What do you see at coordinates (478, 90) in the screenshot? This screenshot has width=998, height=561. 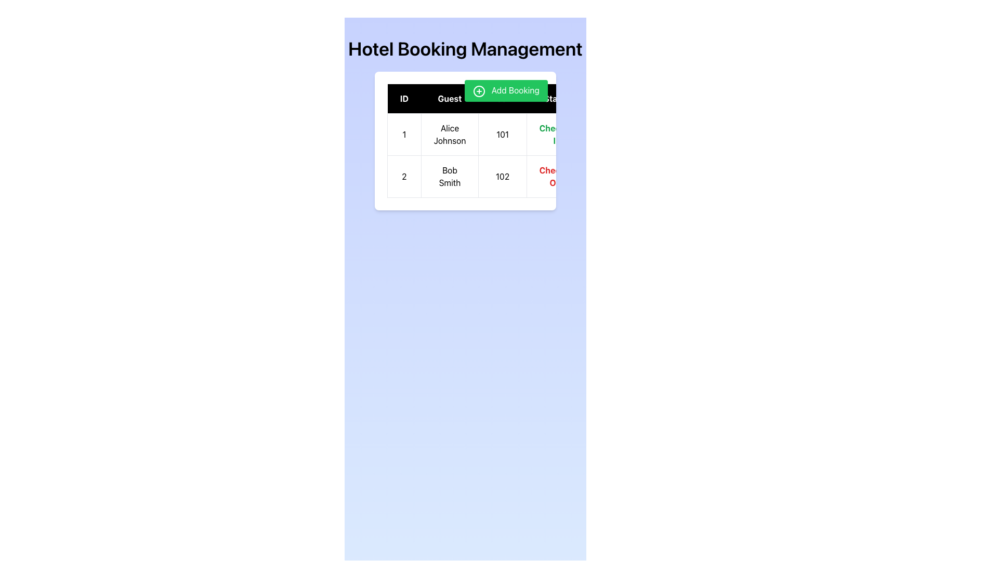 I see `the SVG Circle element that represents the add bookings function to invoke its action` at bounding box center [478, 90].